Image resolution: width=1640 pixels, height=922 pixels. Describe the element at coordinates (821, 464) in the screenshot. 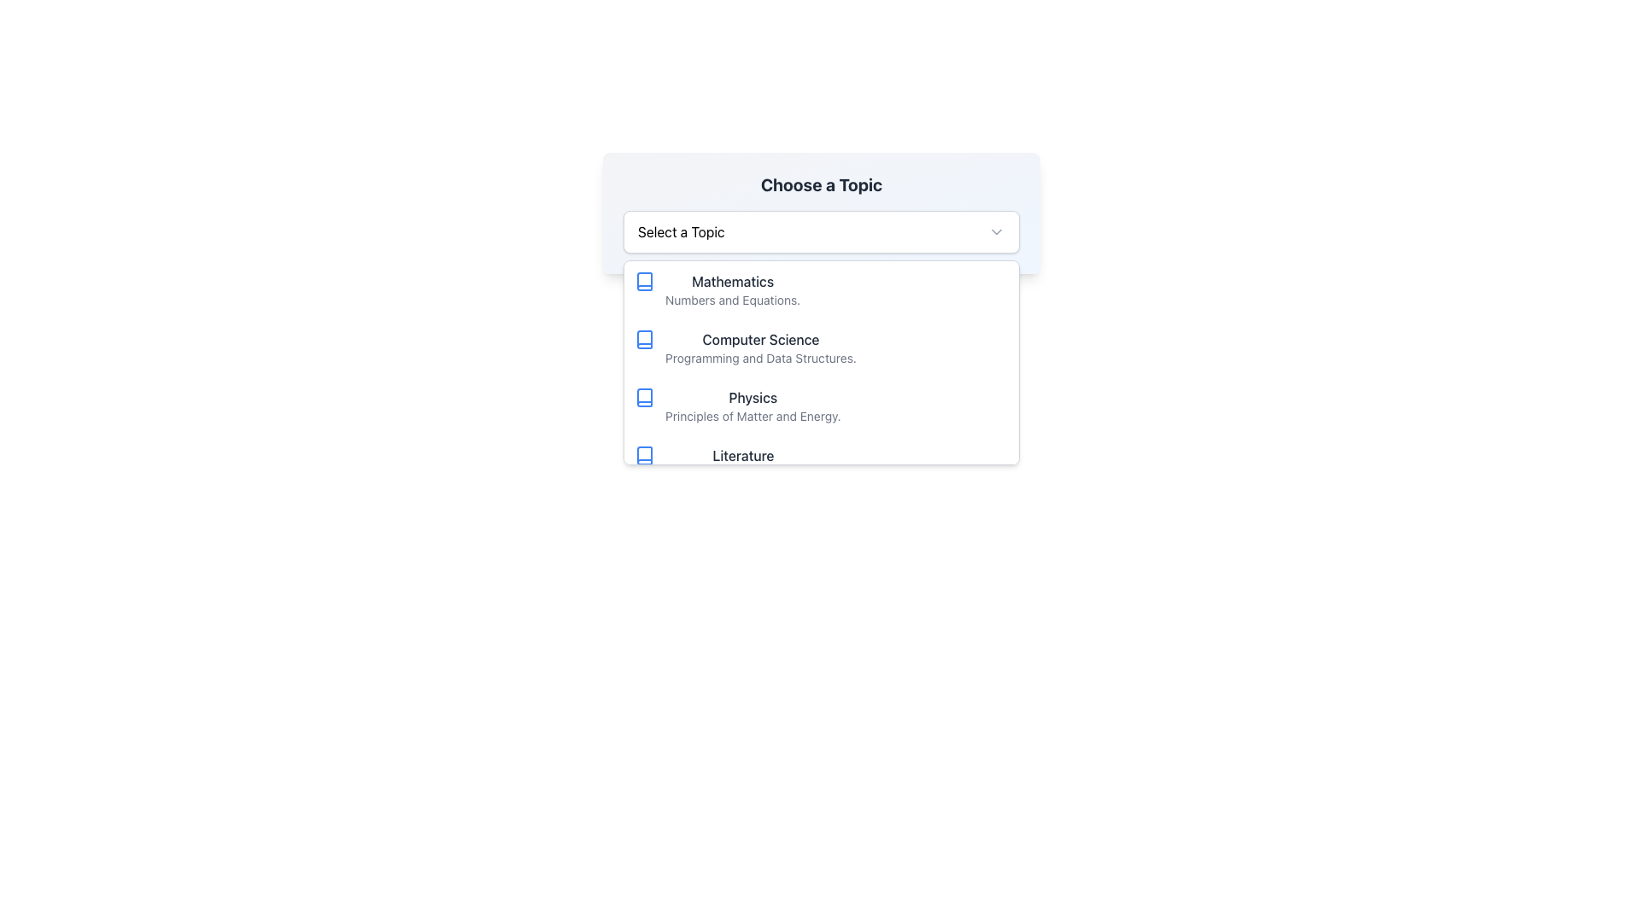

I see `the 'Literature' option in the dropdown menu titled 'Choose a Topic'` at that location.